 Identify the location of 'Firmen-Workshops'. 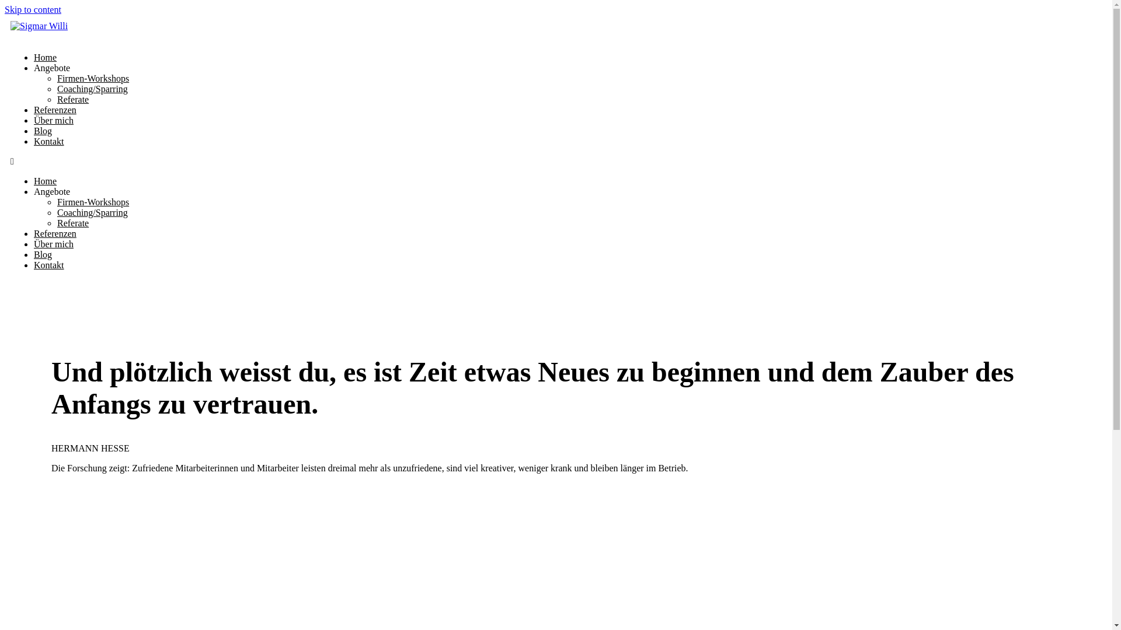
(56, 78).